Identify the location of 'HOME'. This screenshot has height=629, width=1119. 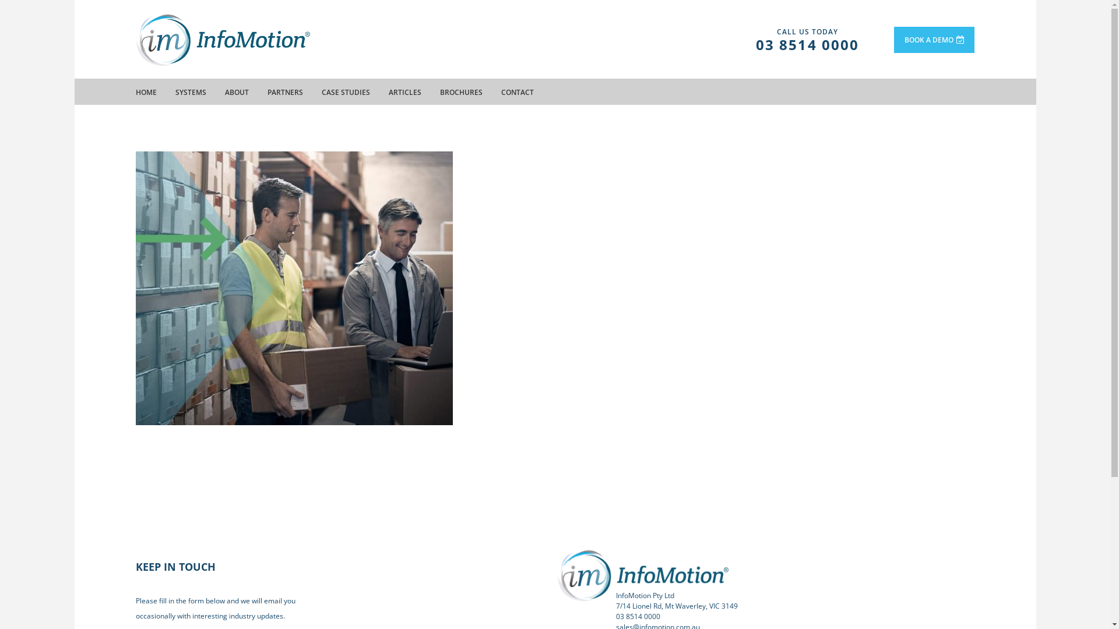
(145, 91).